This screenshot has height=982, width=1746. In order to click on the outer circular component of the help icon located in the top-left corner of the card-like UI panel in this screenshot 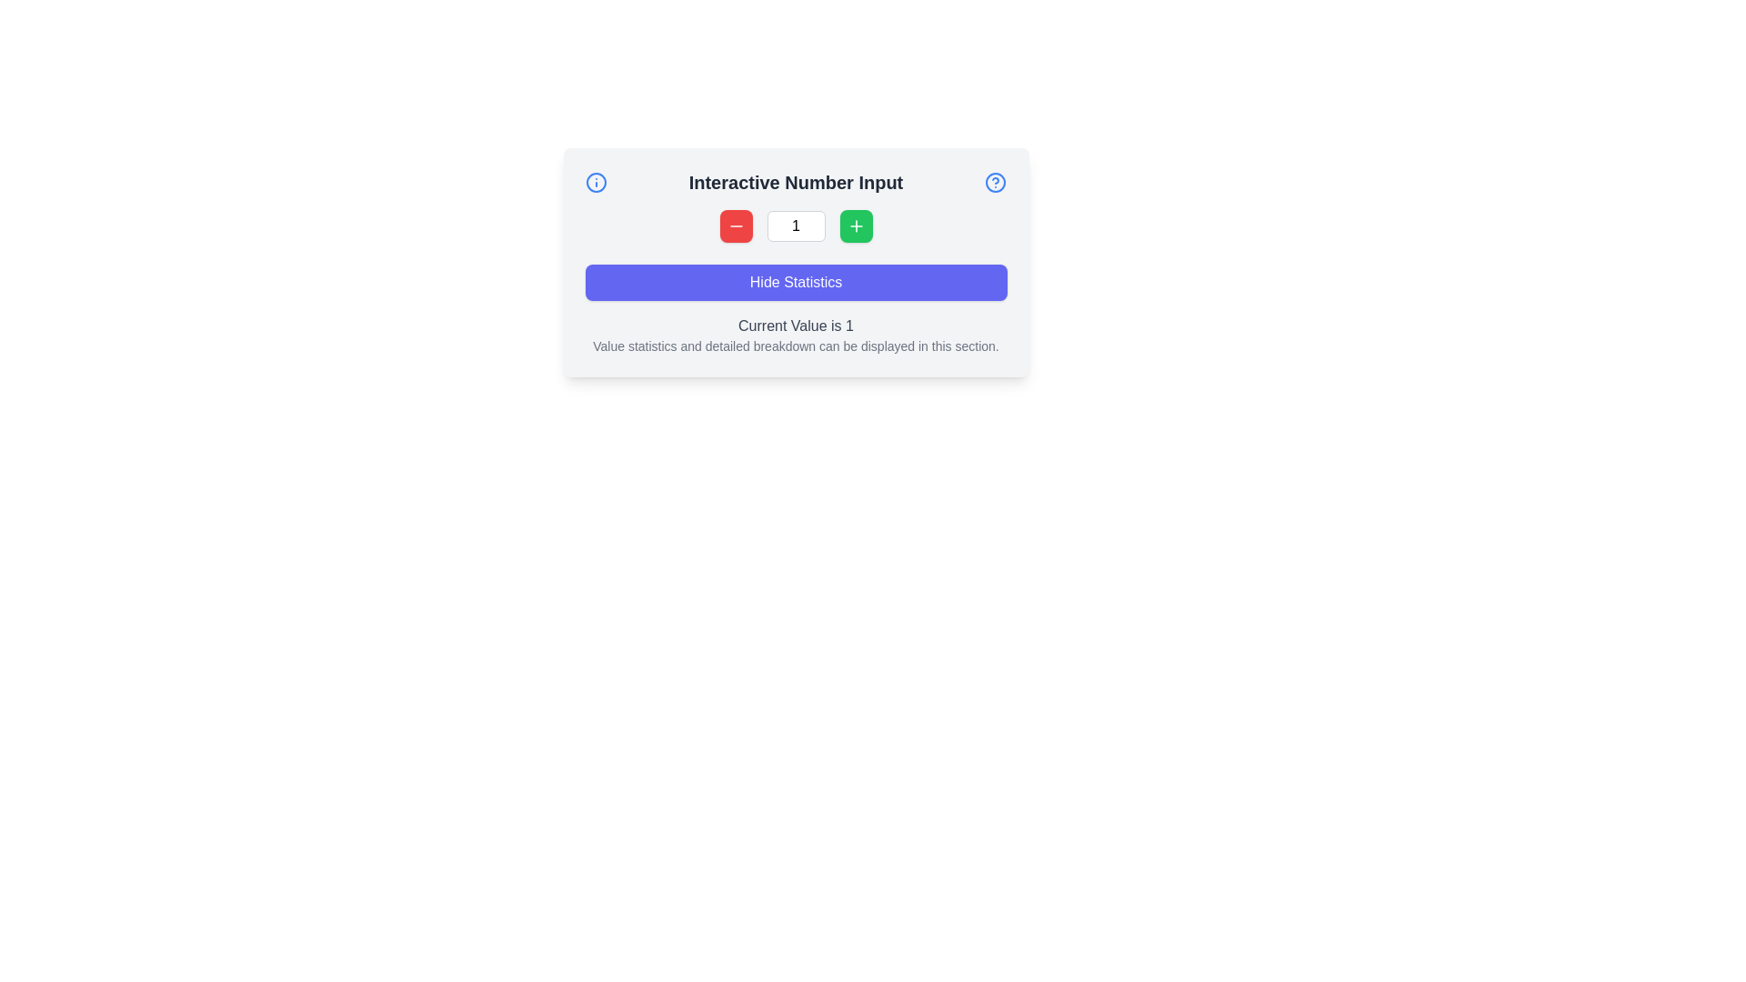, I will do `click(995, 182)`.